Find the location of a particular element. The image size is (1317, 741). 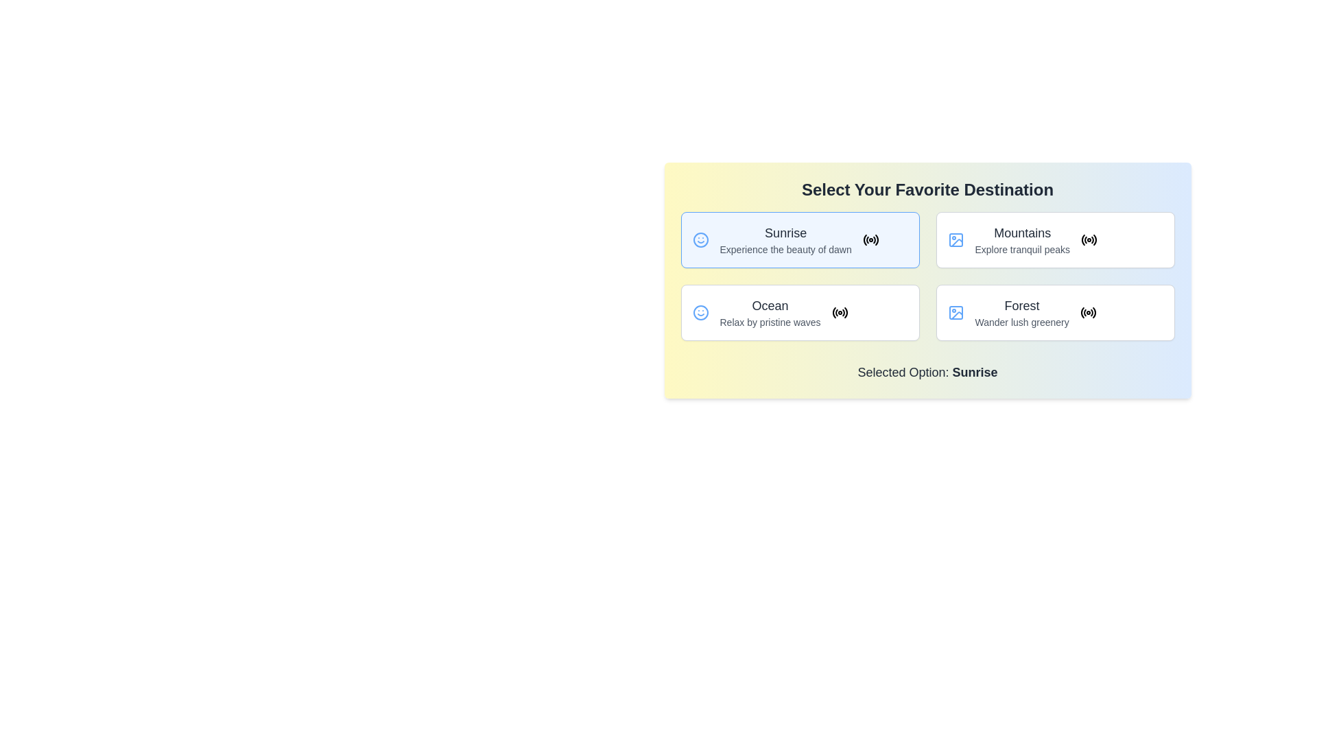

the 'Mountains' selectable option in the grid layout to indicate your selection is located at coordinates (1054, 239).